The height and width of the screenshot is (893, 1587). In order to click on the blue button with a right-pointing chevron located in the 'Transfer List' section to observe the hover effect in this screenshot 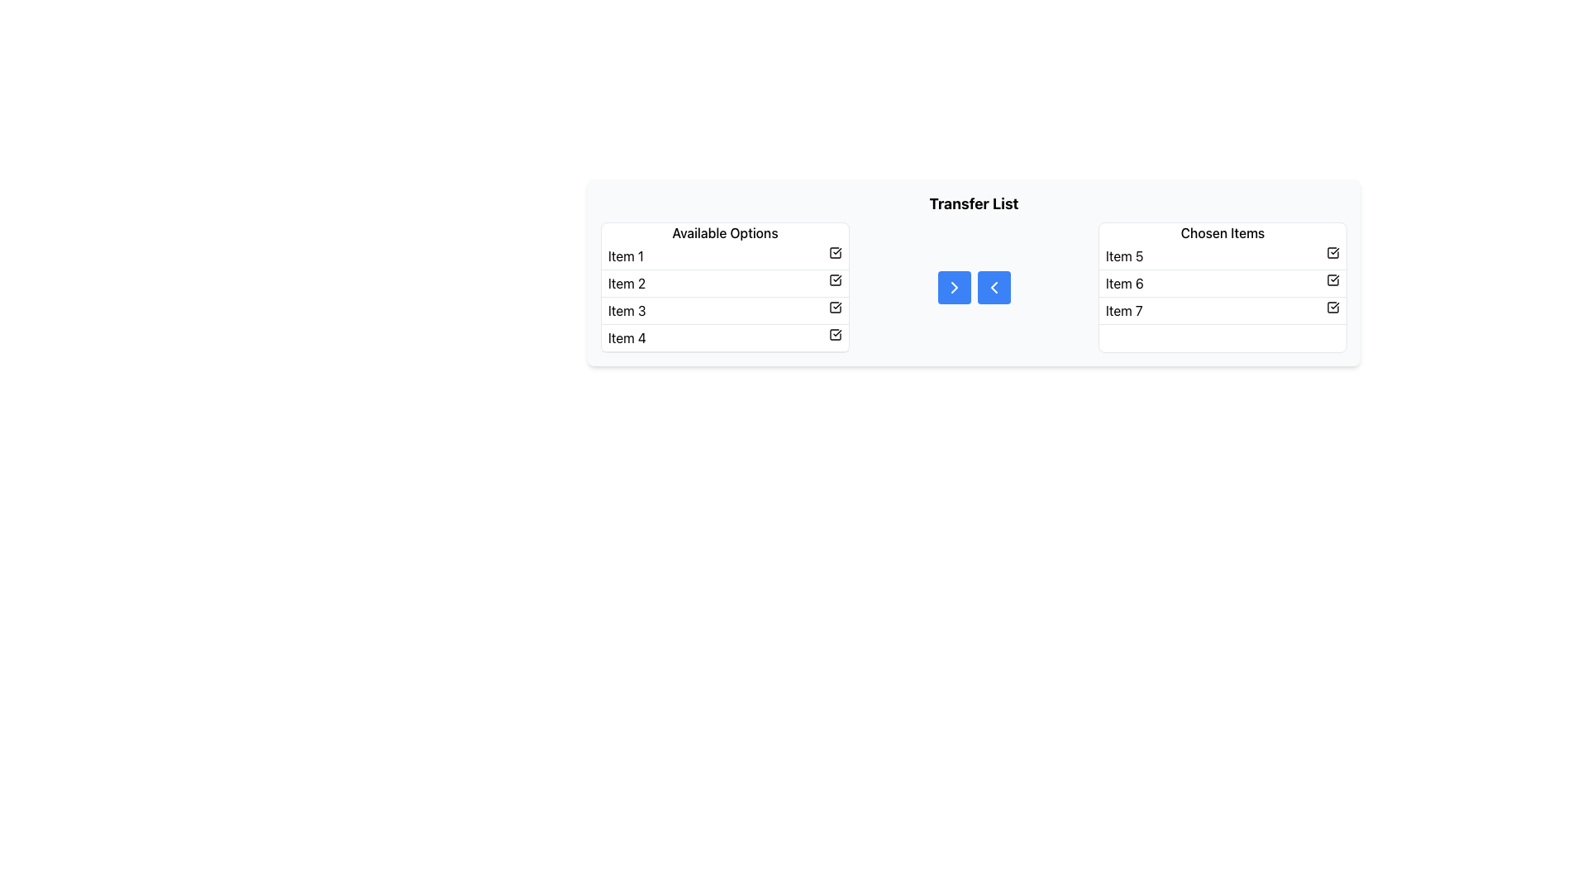, I will do `click(954, 286)`.